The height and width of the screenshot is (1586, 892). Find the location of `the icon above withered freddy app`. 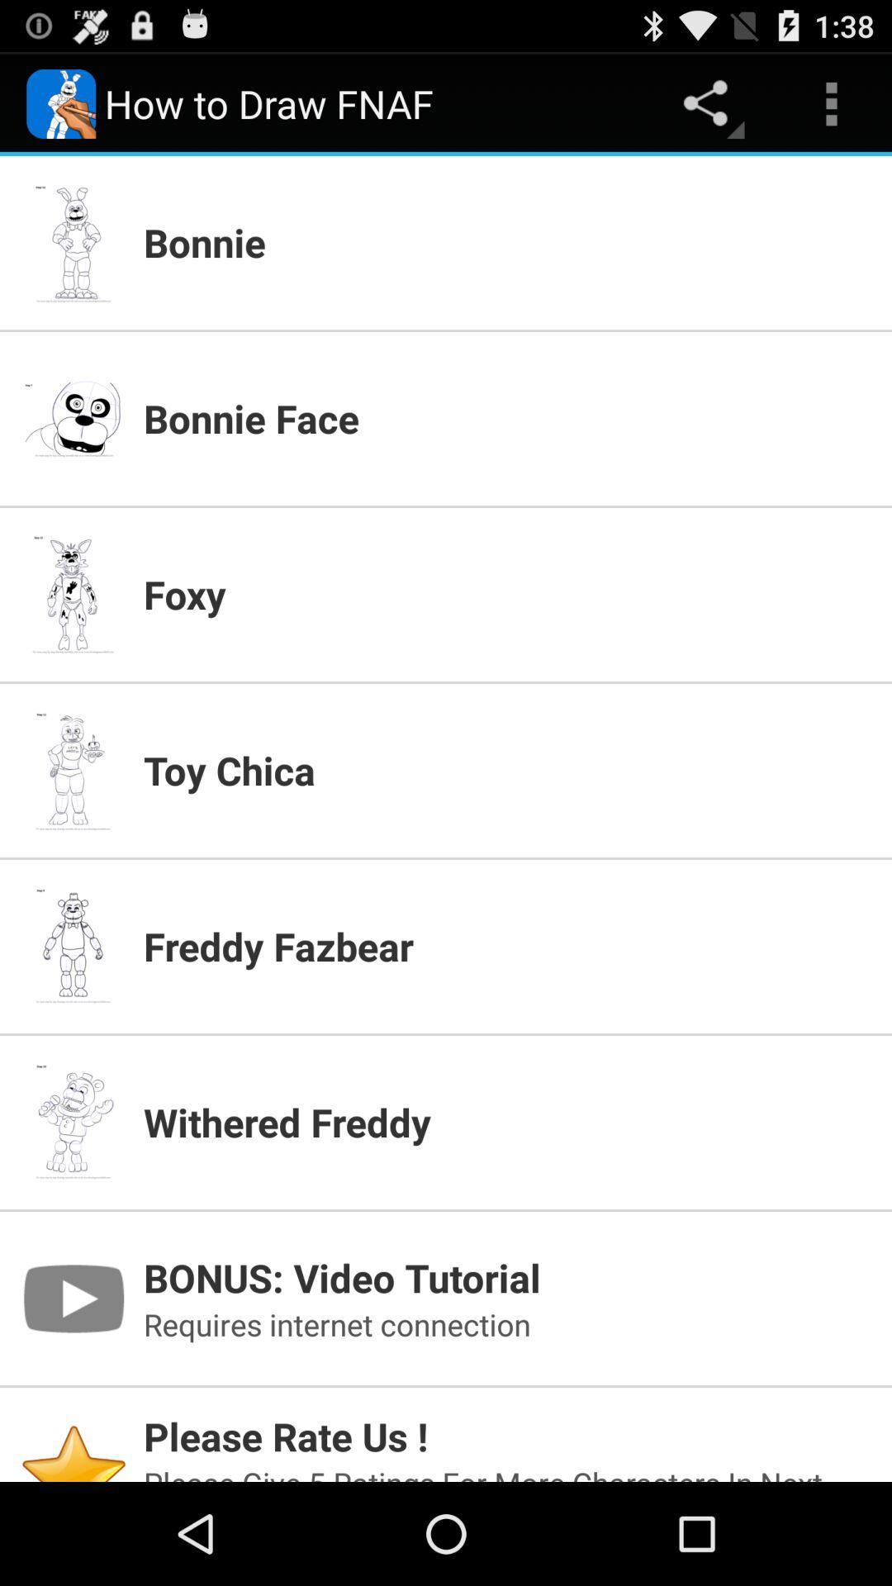

the icon above withered freddy app is located at coordinates (506, 946).